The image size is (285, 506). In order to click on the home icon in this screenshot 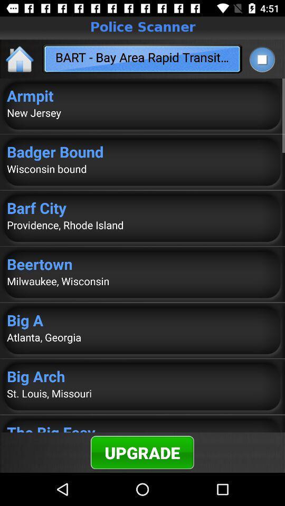, I will do `click(20, 59)`.